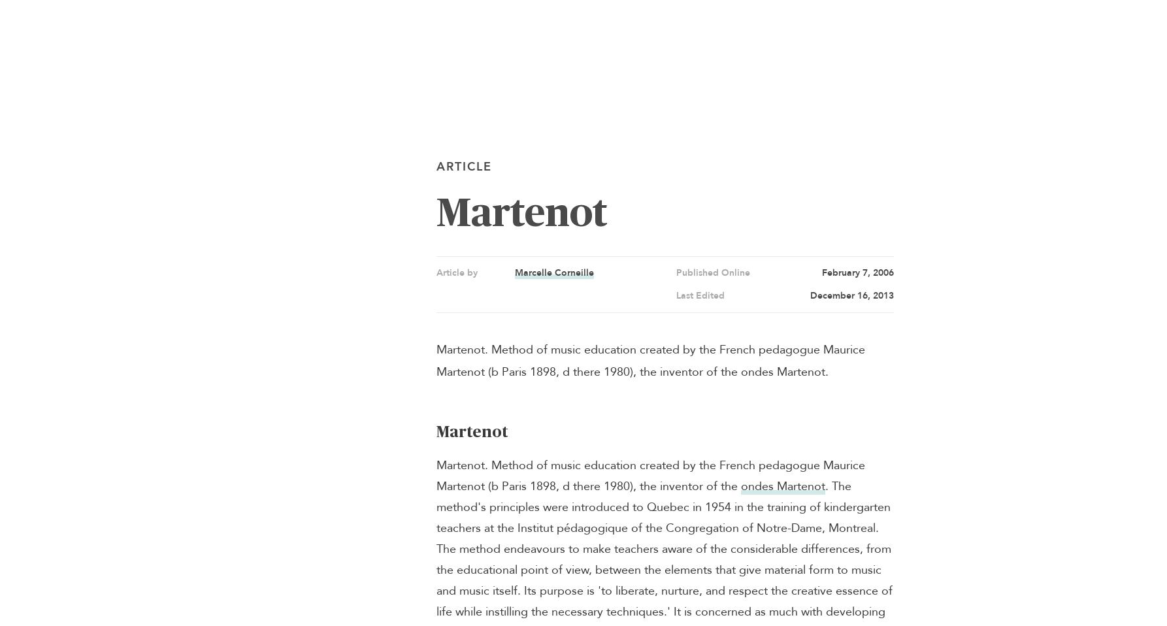  What do you see at coordinates (546, 602) in the screenshot?
I see `'British Commonwealth Air Training Plan'` at bounding box center [546, 602].